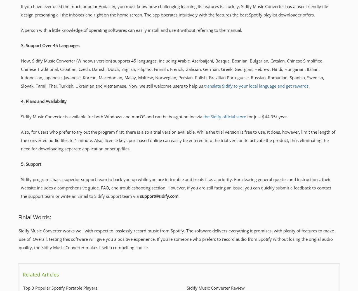 The image size is (358, 291). I want to click on 'support@sidify.com', so click(159, 196).